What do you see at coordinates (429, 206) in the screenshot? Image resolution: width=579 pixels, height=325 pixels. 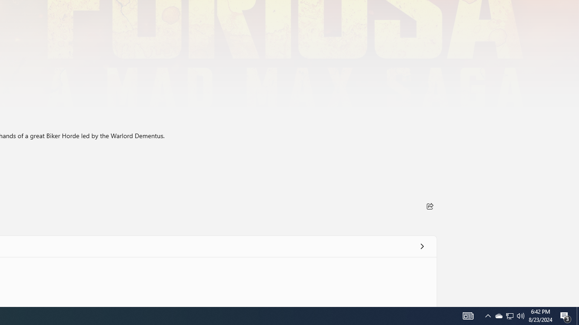 I see `'Share'` at bounding box center [429, 206].